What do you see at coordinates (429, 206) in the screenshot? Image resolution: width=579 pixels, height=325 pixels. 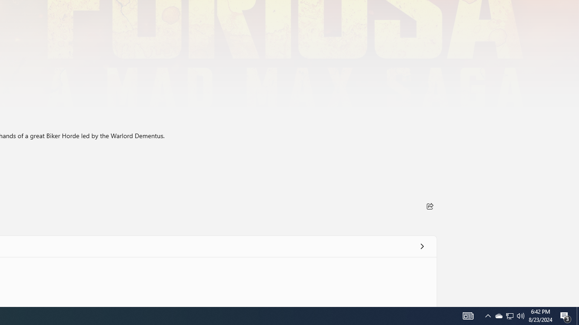 I see `'Share'` at bounding box center [429, 206].